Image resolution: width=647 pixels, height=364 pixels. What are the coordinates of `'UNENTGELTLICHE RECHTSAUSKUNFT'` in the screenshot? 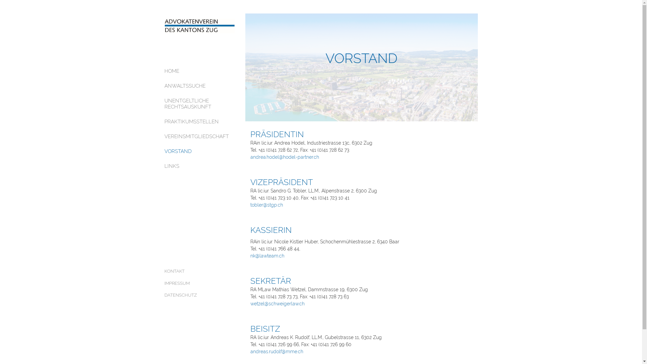 It's located at (199, 104).